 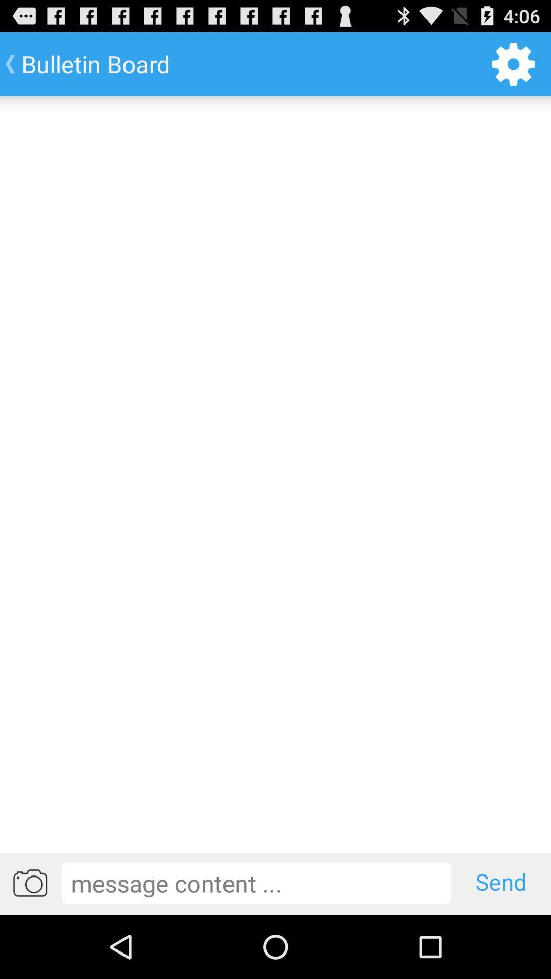 What do you see at coordinates (500, 882) in the screenshot?
I see `the send app` at bounding box center [500, 882].